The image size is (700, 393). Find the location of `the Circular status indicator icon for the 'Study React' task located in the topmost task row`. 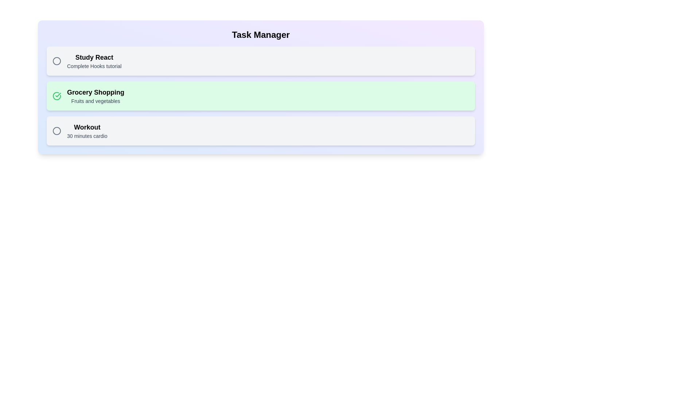

the Circular status indicator icon for the 'Study React' task located in the topmost task row is located at coordinates (57, 61).